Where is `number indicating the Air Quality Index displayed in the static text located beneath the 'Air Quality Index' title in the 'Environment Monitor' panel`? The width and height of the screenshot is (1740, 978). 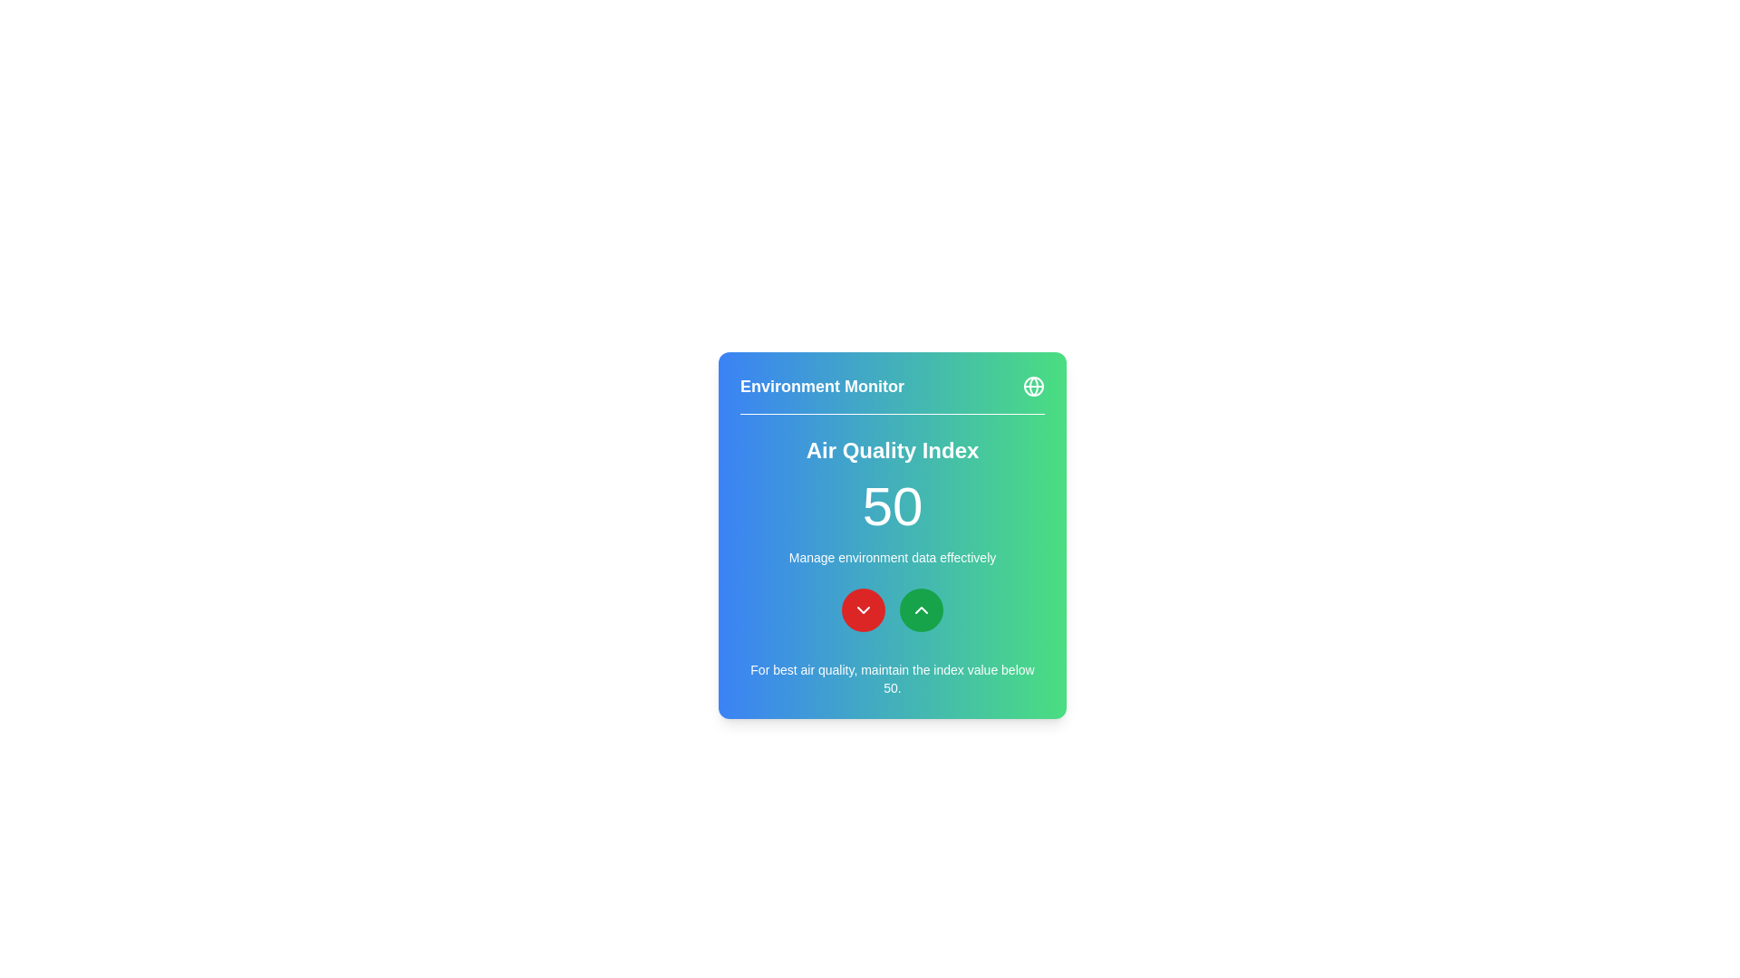
number indicating the Air Quality Index displayed in the static text located beneath the 'Air Quality Index' title in the 'Environment Monitor' panel is located at coordinates (892, 506).